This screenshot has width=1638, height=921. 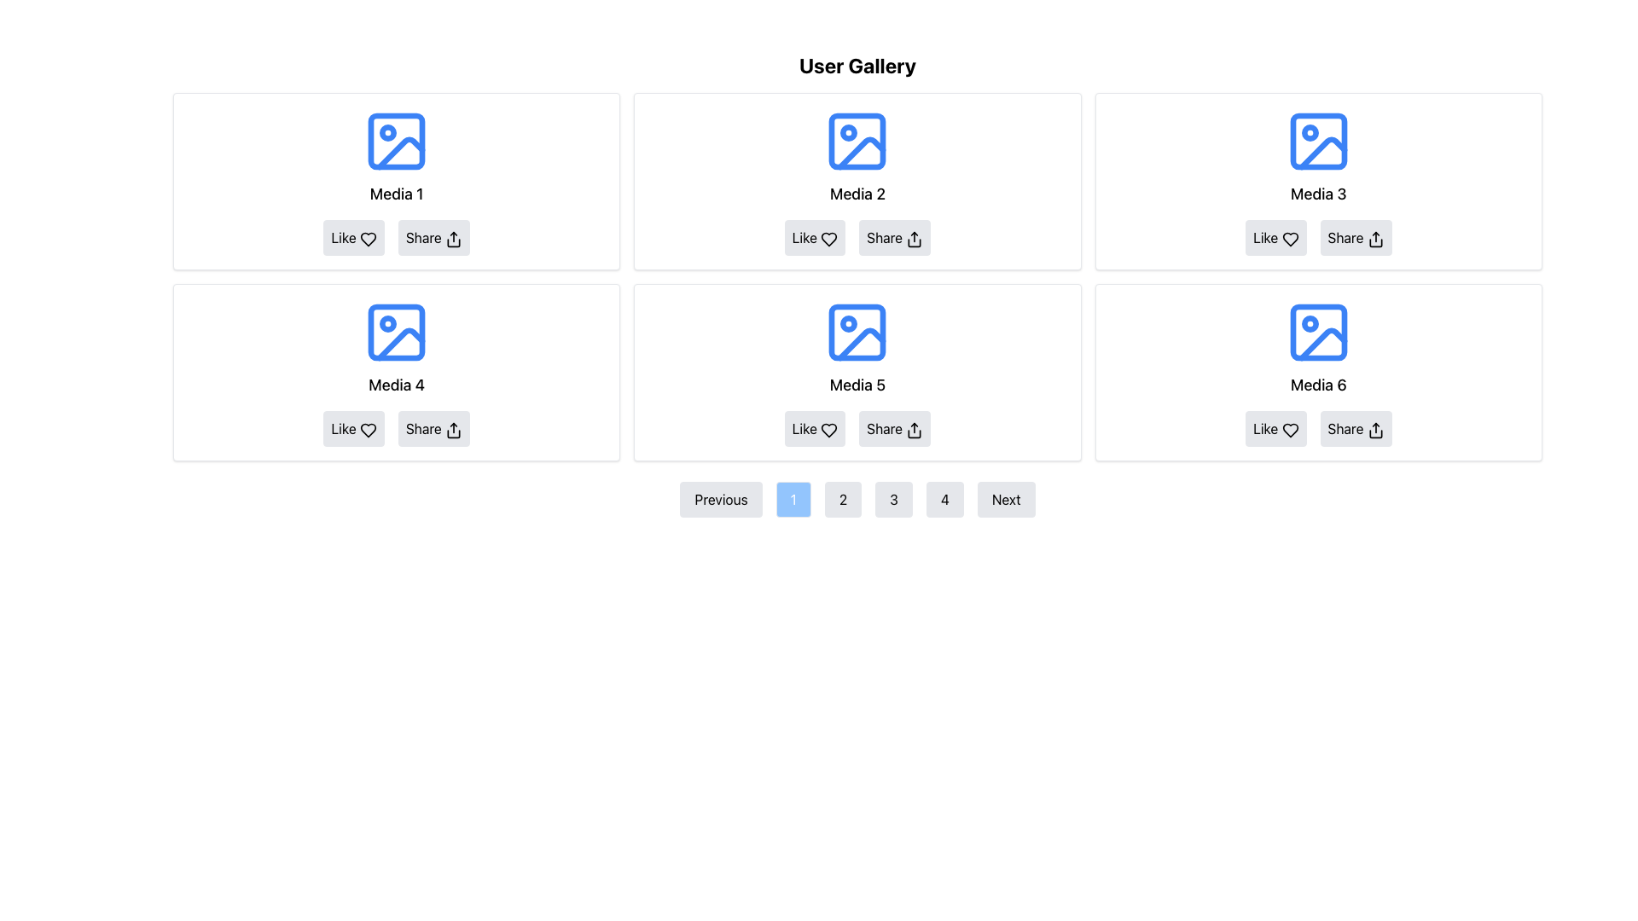 What do you see at coordinates (1317, 140) in the screenshot?
I see `the Image Placeholder Icon, which is a blue square with a diagonal line and a small circular shape inside, located above the text label 'Media 3'` at bounding box center [1317, 140].